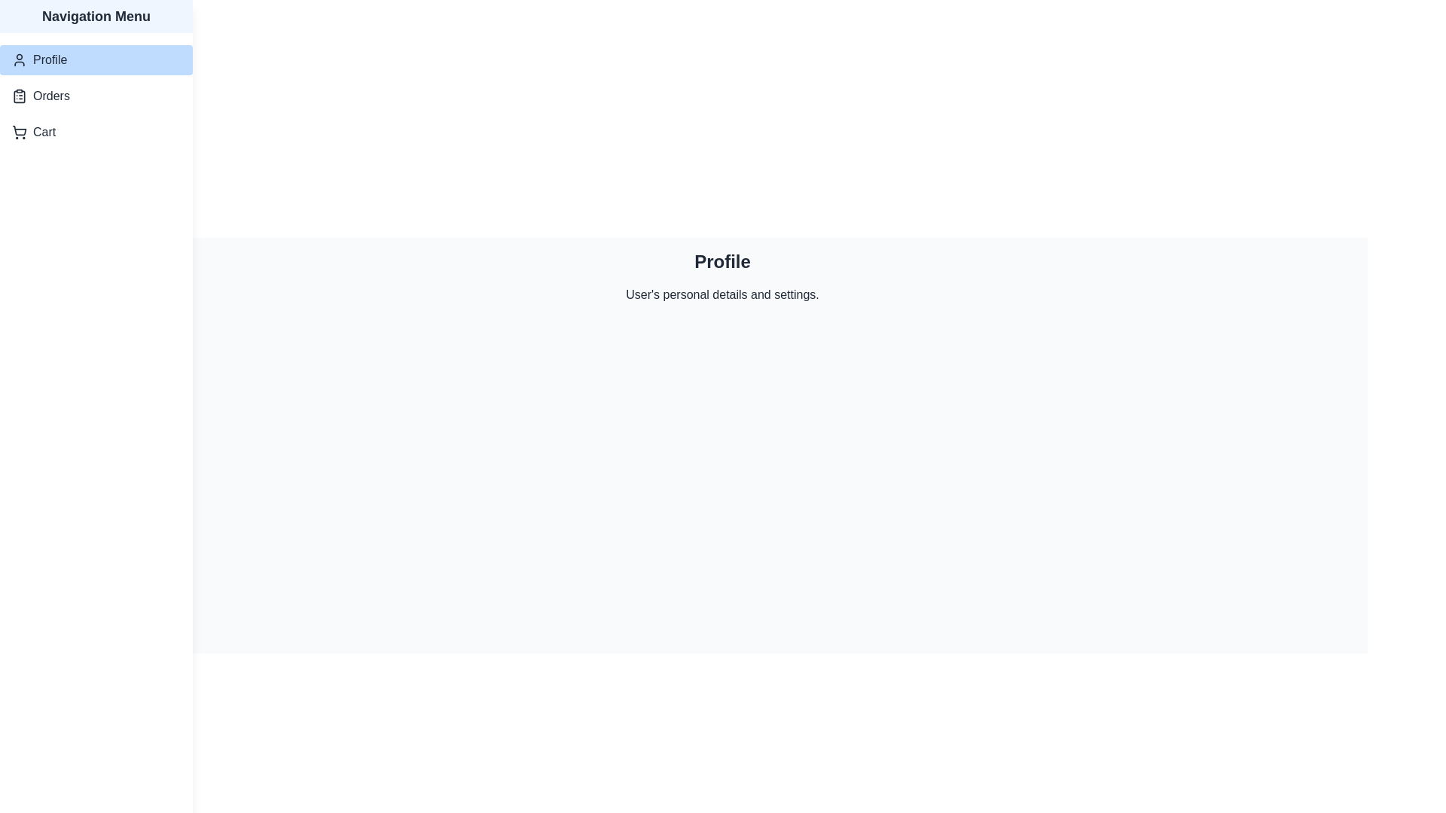  What do you see at coordinates (50, 59) in the screenshot?
I see `the 'Profile' text label in the sidebar menu` at bounding box center [50, 59].